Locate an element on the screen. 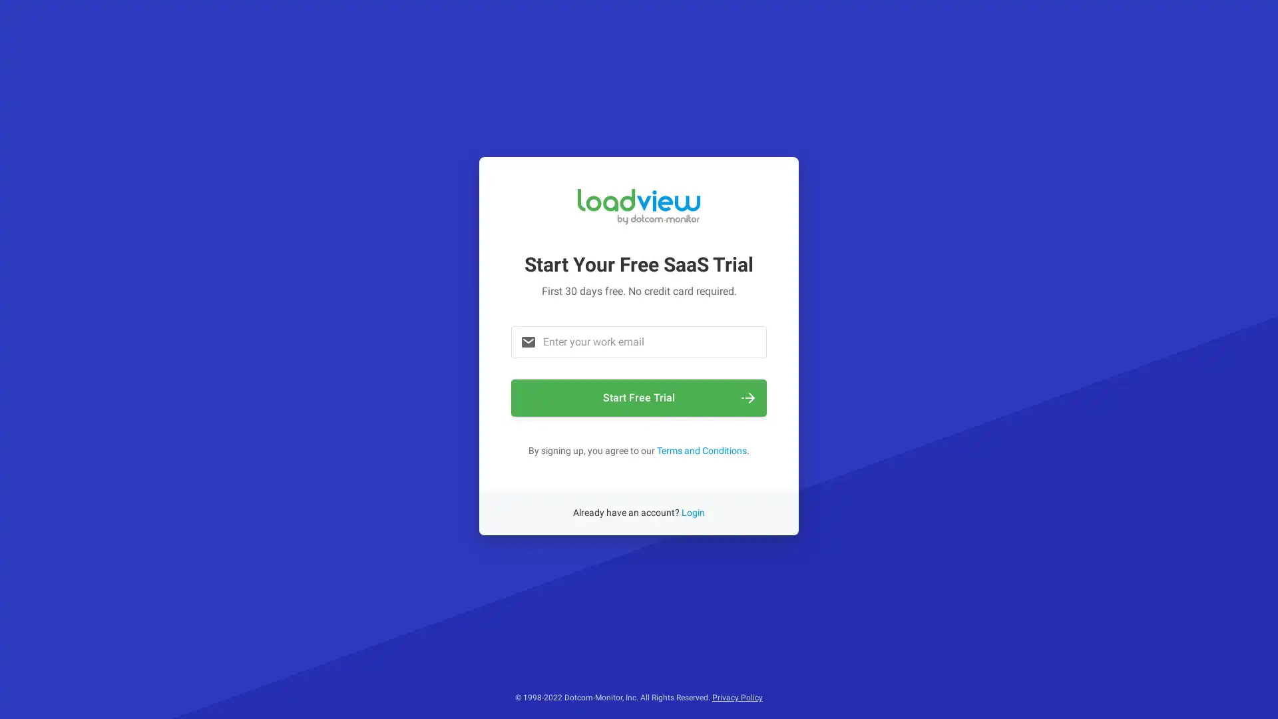 This screenshot has height=719, width=1278. Start Free Trial is located at coordinates (639, 397).